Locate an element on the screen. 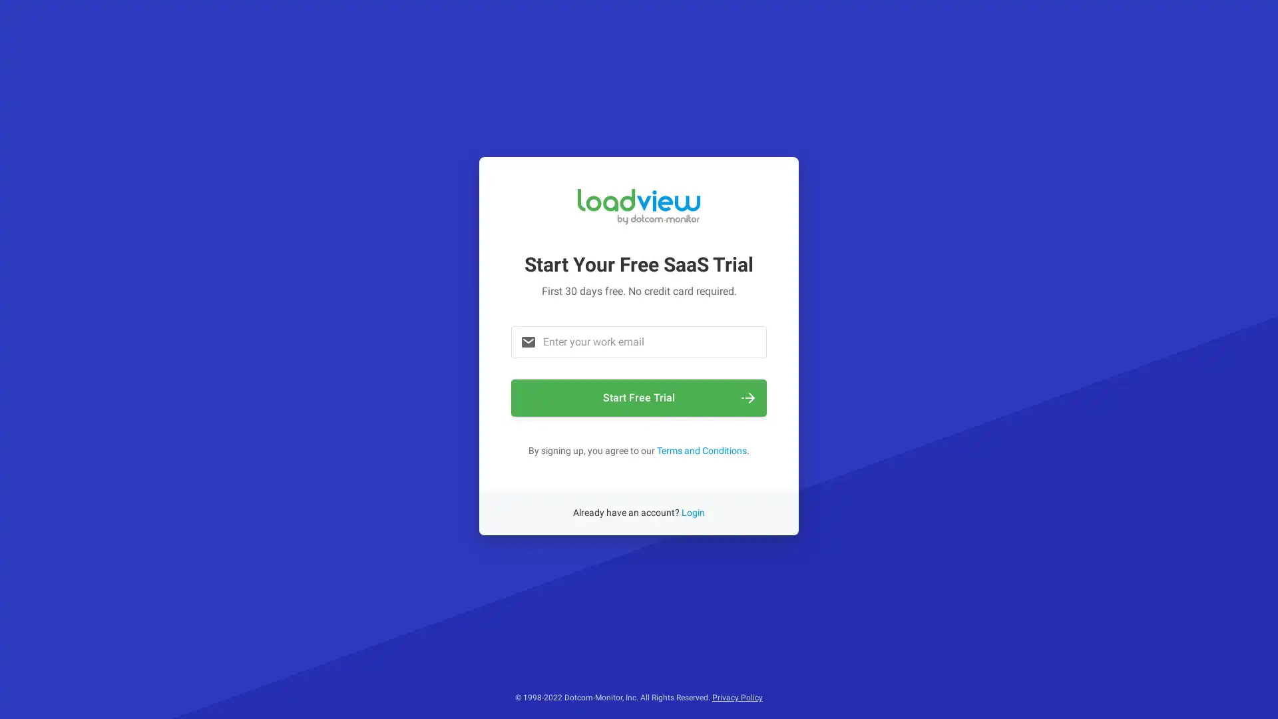 This screenshot has height=719, width=1278. Start Free Trial is located at coordinates (639, 397).